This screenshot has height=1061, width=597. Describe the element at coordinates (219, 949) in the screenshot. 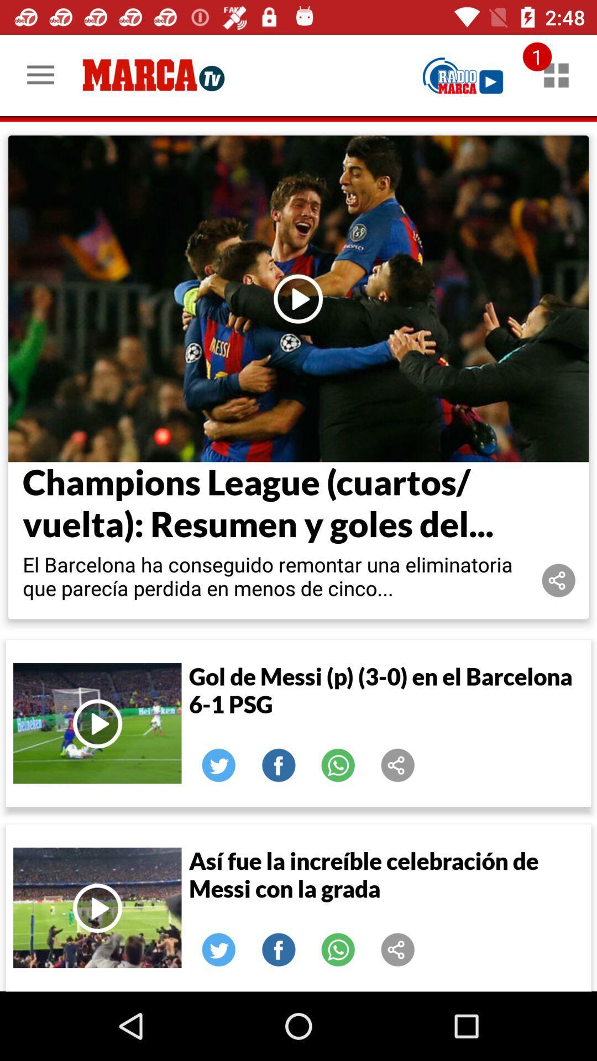

I see `share the article` at that location.